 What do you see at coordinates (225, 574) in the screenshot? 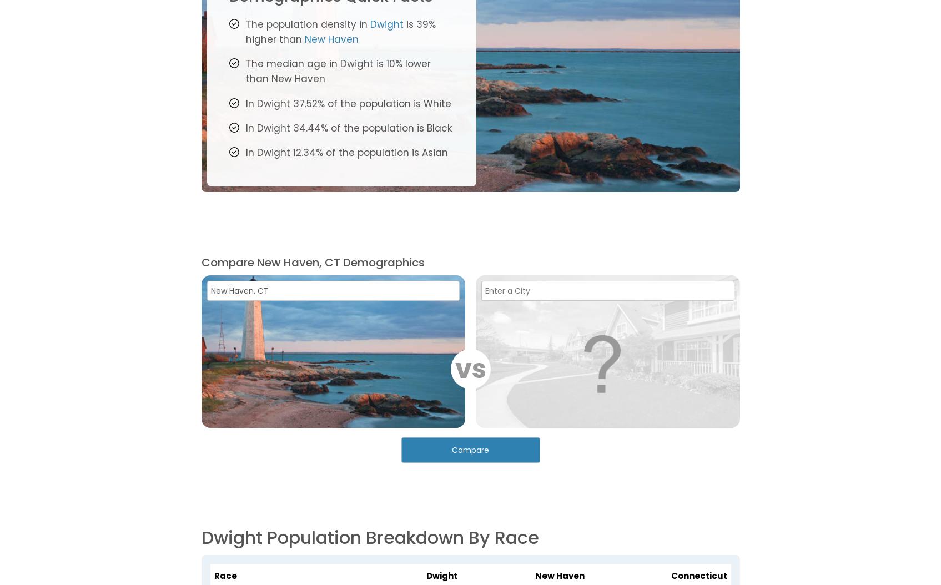
I see `'Race'` at bounding box center [225, 574].